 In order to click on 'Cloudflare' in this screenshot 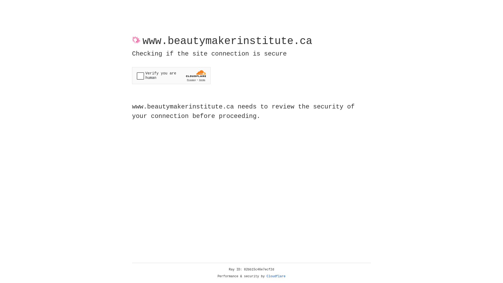, I will do `click(266, 276)`.